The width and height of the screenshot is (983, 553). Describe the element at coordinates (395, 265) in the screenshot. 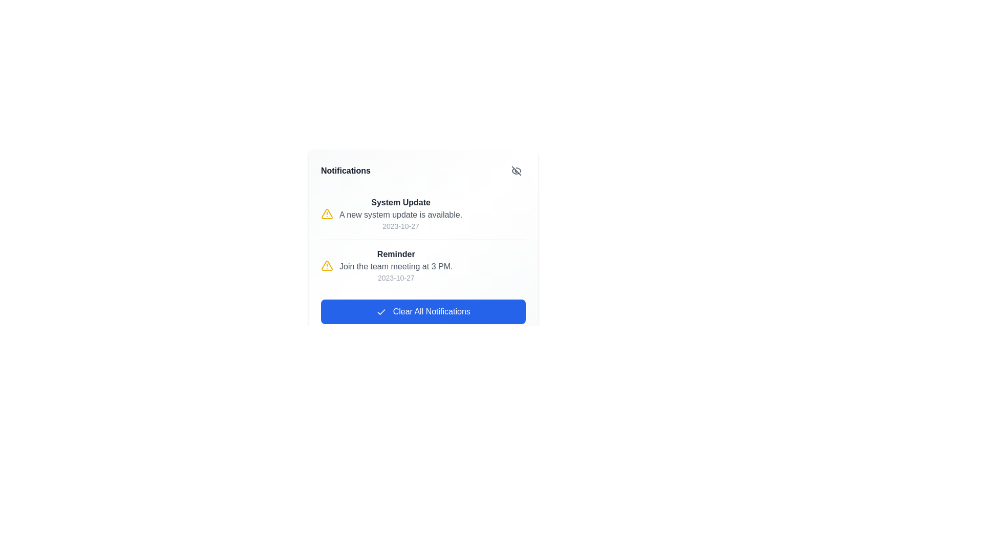

I see `the Static information group that presents a reminder about a meeting scheduled at a specific time, located in the second notification slot of the notification panel` at that location.